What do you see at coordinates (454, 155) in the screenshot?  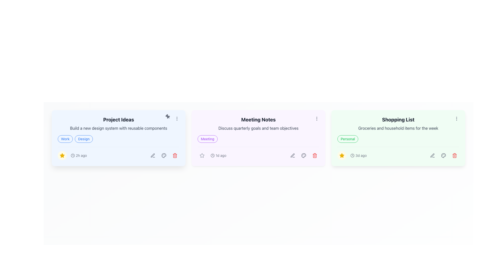 I see `the red-colored trash bin icon button located at the bottom-right of the 'Shopping List' card` at bounding box center [454, 155].